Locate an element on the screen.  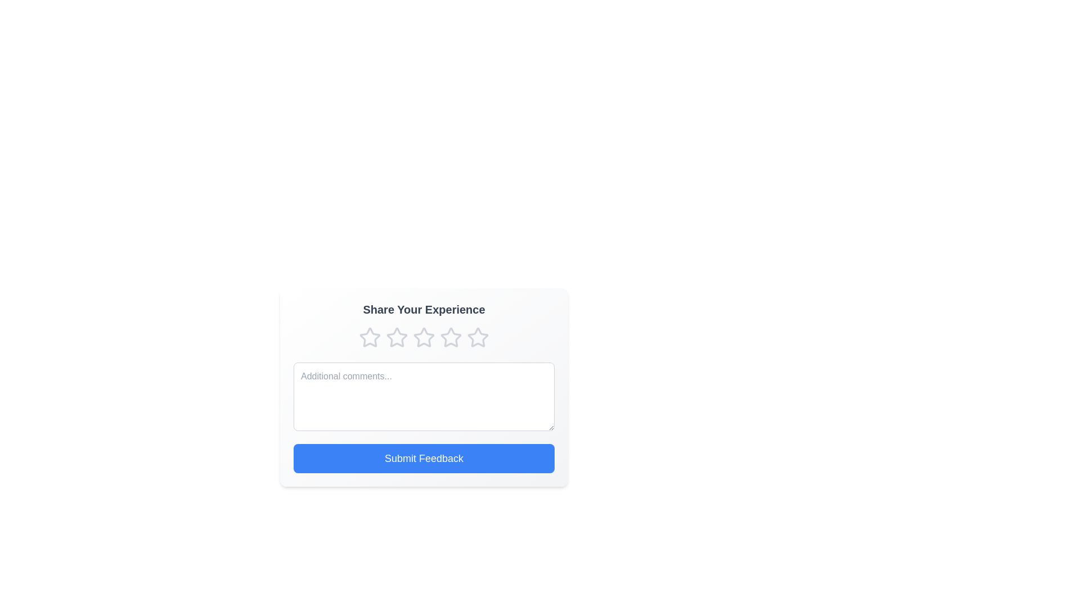
the fourth interactive star icon for rating, which is styled as a hollow star outline with a thin gray border is located at coordinates (451, 337).